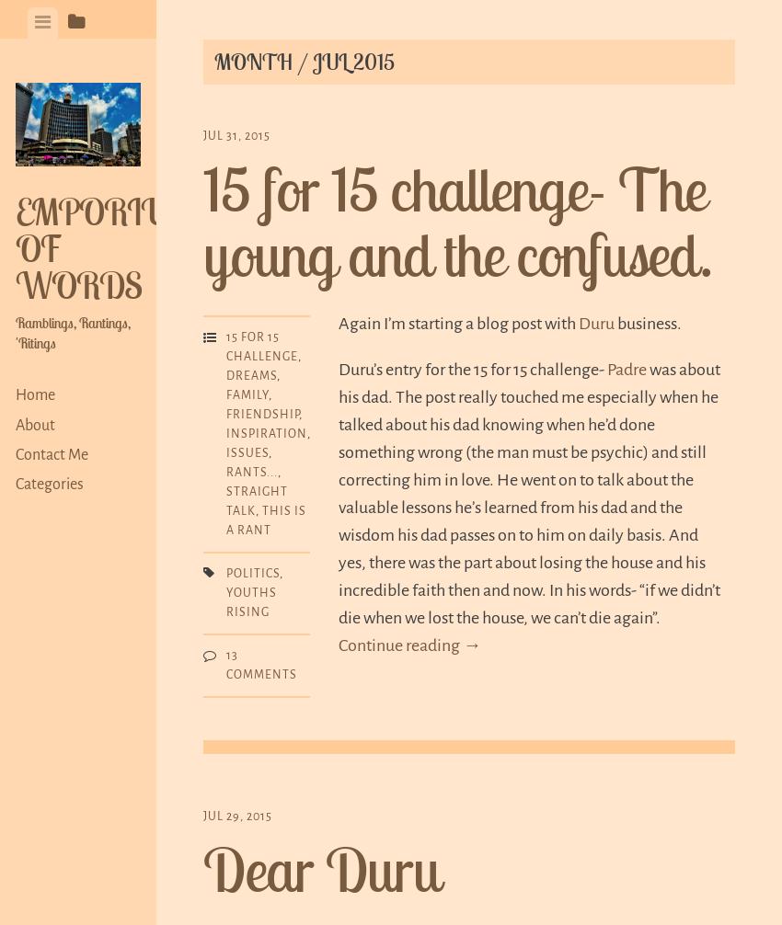 The width and height of the screenshot is (782, 925). I want to click on 'business.', so click(647, 321).